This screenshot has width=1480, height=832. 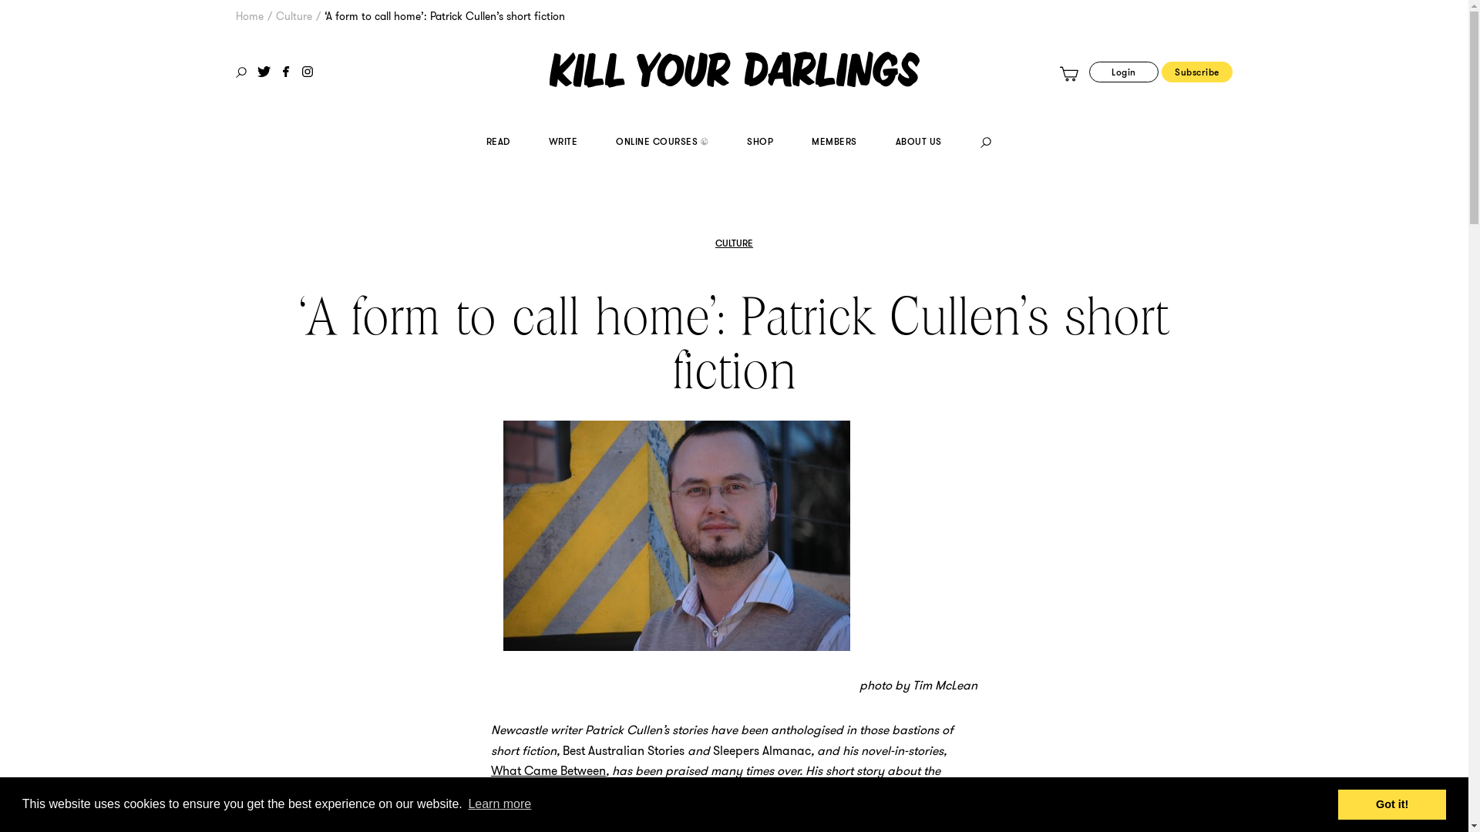 I want to click on 'Login', so click(x=1124, y=72).